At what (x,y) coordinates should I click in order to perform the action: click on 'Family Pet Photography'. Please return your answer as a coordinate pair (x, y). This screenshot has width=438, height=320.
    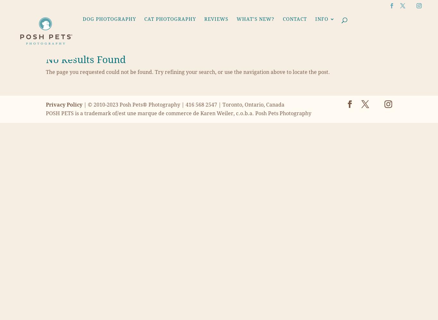
    Looking at the image, I should click on (271, 170).